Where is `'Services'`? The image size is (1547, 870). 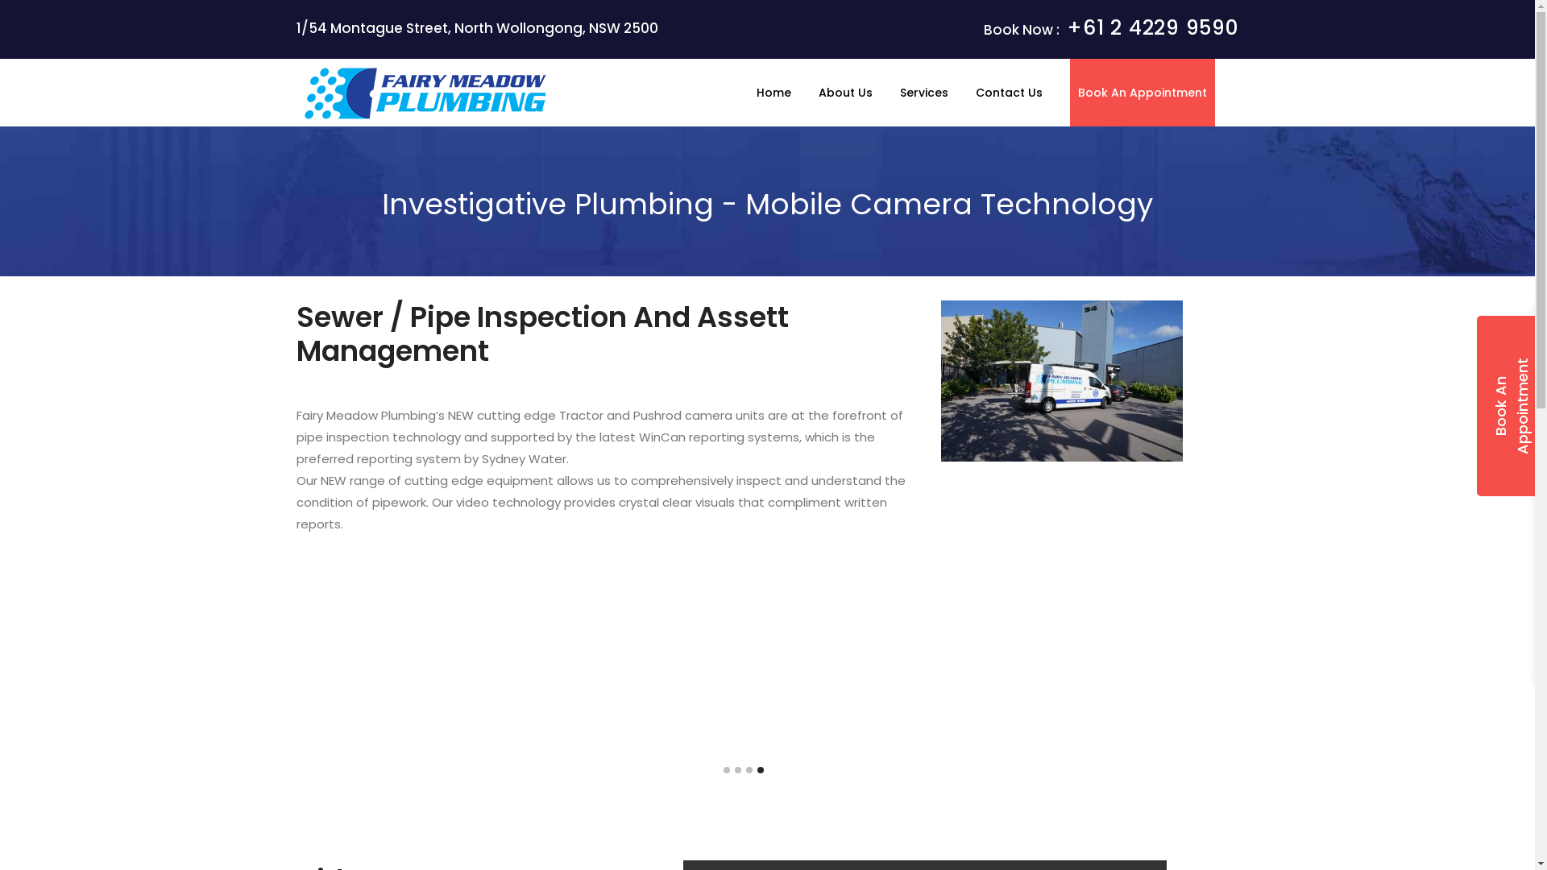
'Services' is located at coordinates (923, 93).